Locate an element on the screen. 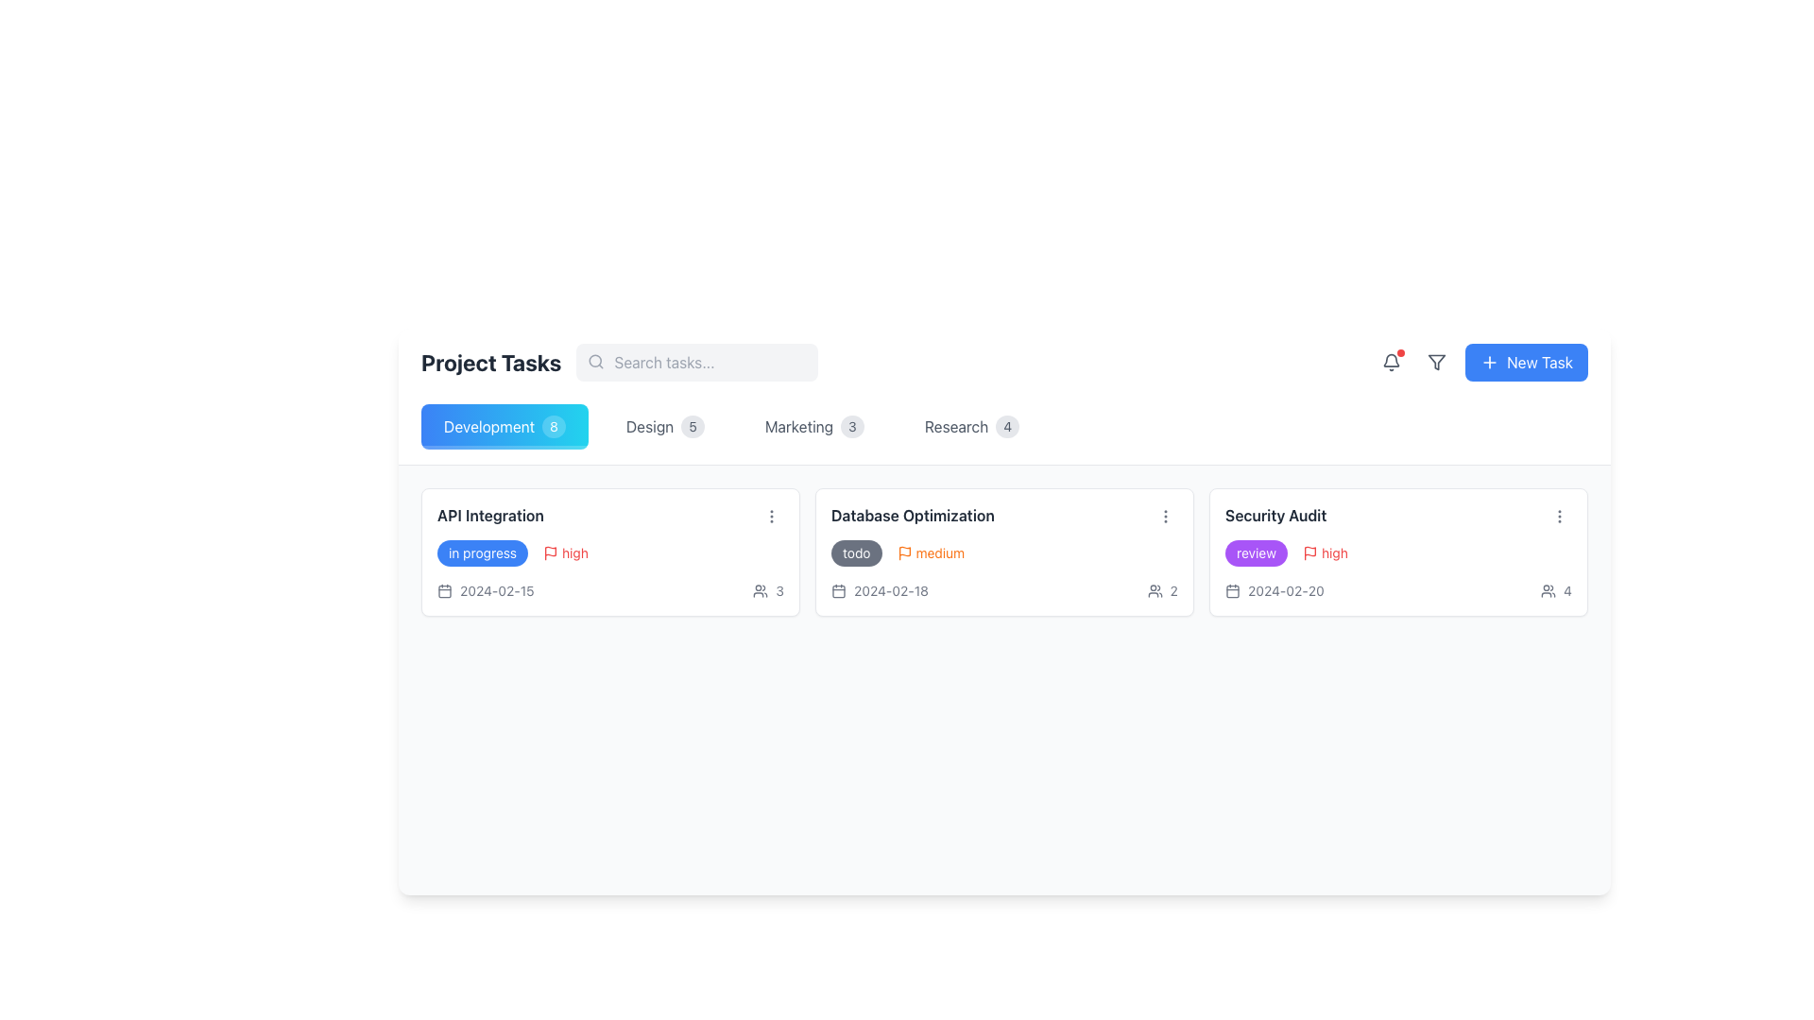 This screenshot has width=1814, height=1020. the 'Security Audit' text label, which is styled with a bold font and dark gray color, located at the top of the card is located at coordinates (1275, 516).